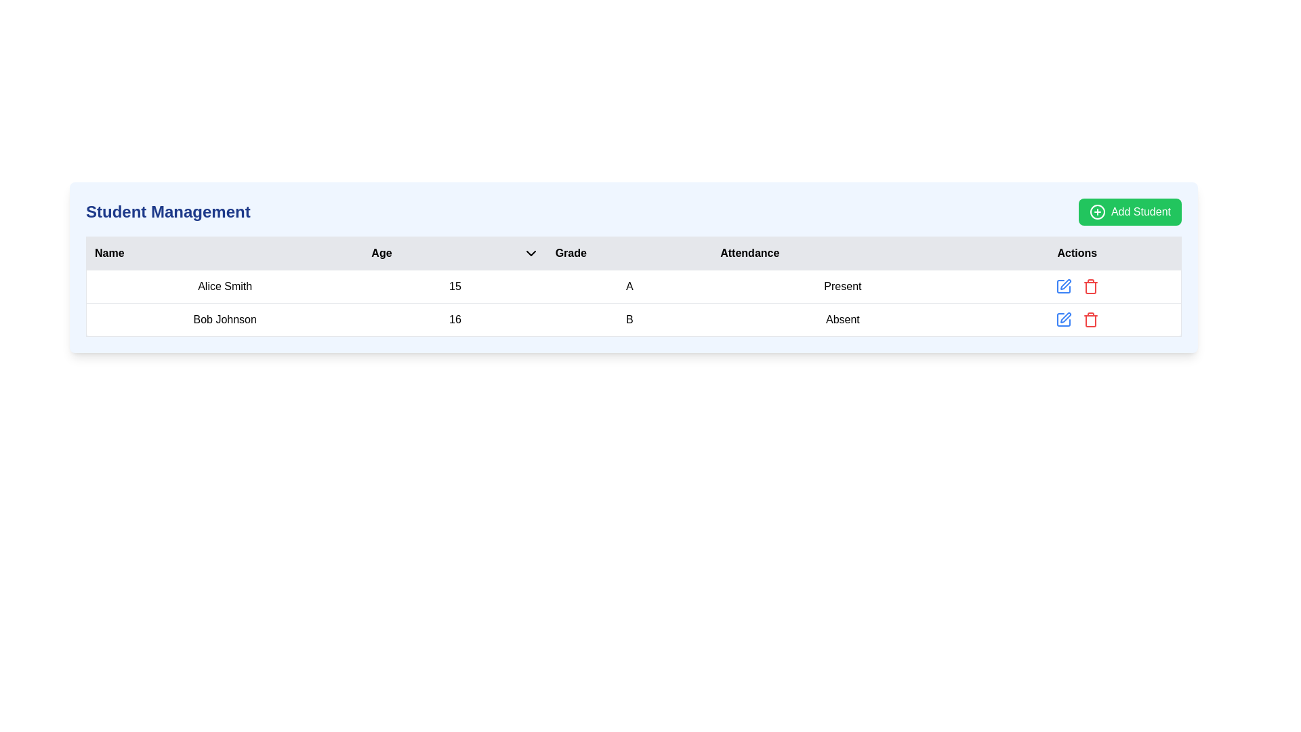 This screenshot has height=732, width=1301. Describe the element at coordinates (1090, 286) in the screenshot. I see `the delete button located in the last column of the table, which is the second action icon to the right of the edit icon (blue pencil)` at that location.